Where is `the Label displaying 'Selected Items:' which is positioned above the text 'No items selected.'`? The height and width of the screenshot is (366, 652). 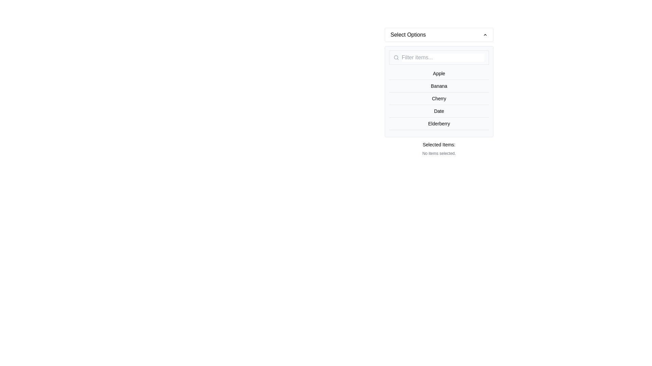
the Label displaying 'Selected Items:' which is positioned above the text 'No items selected.' is located at coordinates (439, 144).